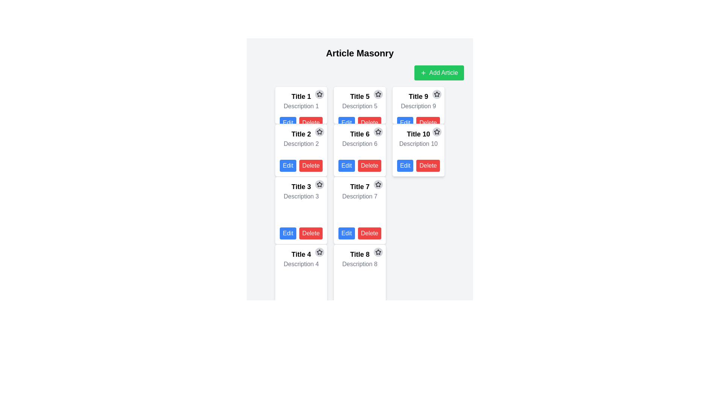  What do you see at coordinates (320, 131) in the screenshot?
I see `the favorite icon located at the top-right corner of the second card in the second column of the grid layout near the title 'Title 2'` at bounding box center [320, 131].